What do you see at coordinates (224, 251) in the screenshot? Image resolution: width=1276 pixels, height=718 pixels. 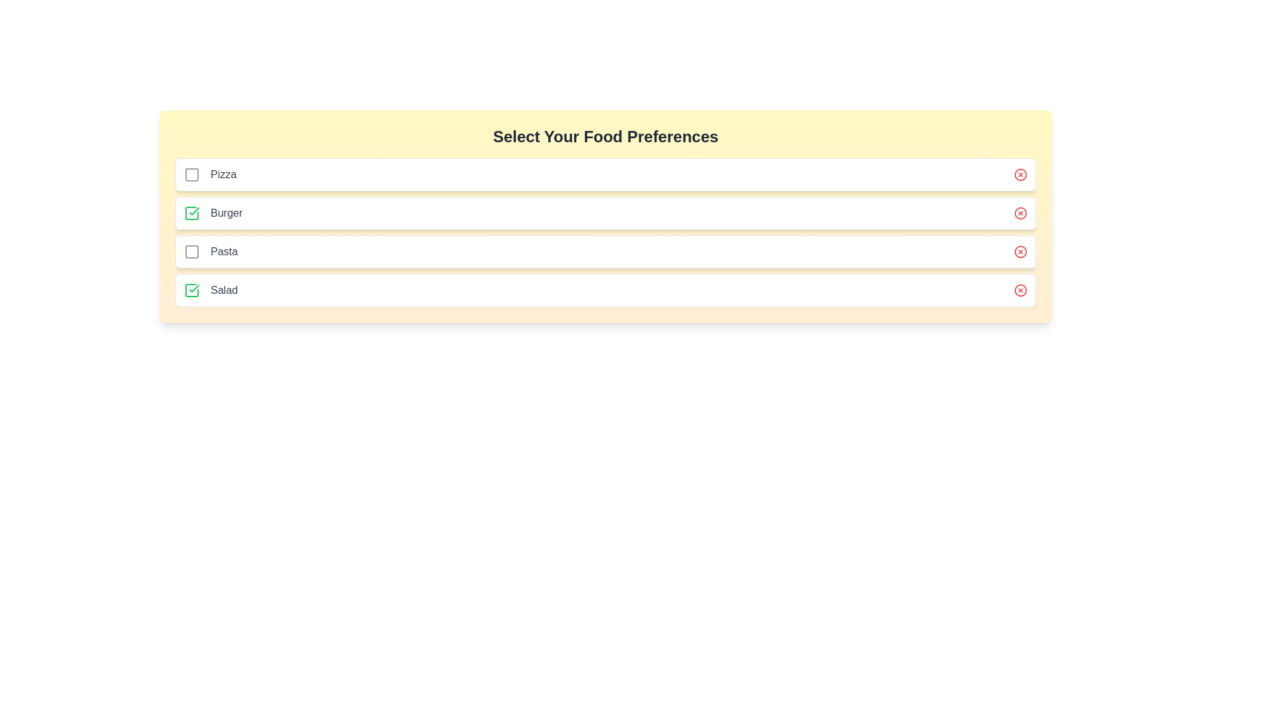 I see `the text label for the food preference 'Pasta', which is located in the third row of a list of food options, aligned to the right of its associated checkbox` at bounding box center [224, 251].